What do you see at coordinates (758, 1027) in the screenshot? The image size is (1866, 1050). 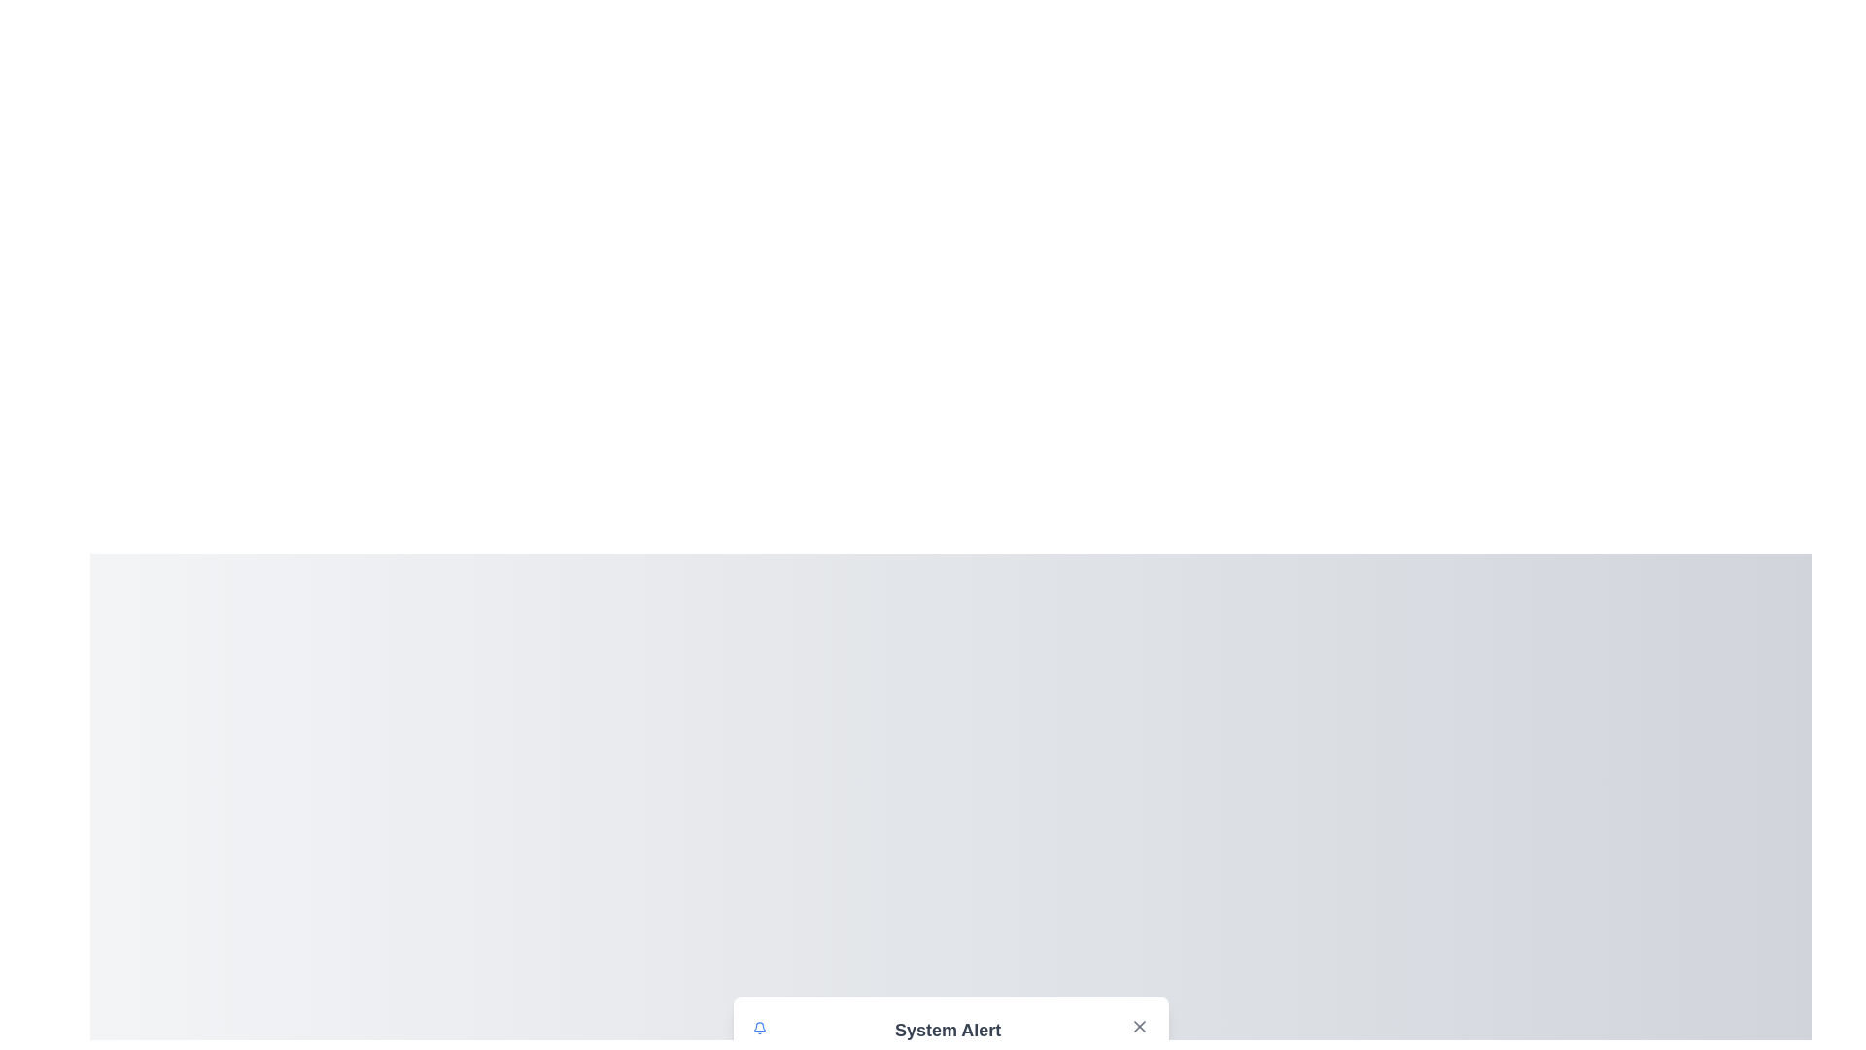 I see `the blue bell-shaped icon located at the far left side of the notification panel titled 'System Alert'` at bounding box center [758, 1027].